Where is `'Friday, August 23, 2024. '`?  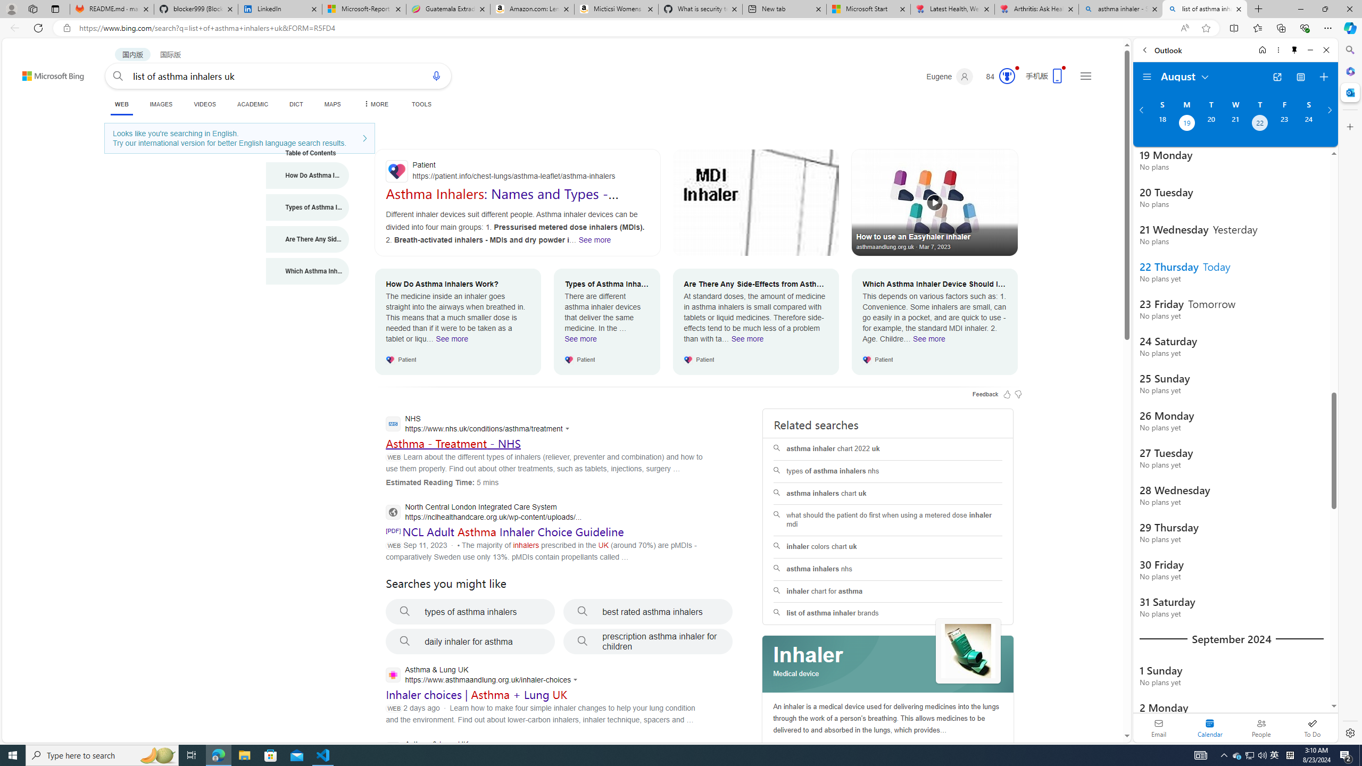 'Friday, August 23, 2024. ' is located at coordinates (1284, 124).